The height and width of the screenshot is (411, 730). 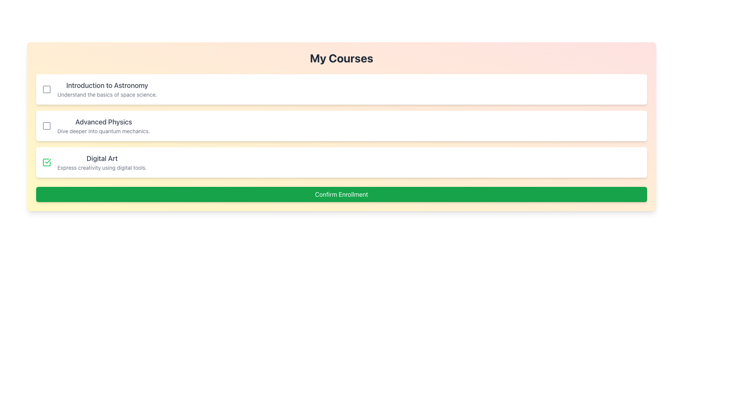 What do you see at coordinates (103, 121) in the screenshot?
I see `the text label displaying 'Advanced Physics' for accessibility purposes` at bounding box center [103, 121].